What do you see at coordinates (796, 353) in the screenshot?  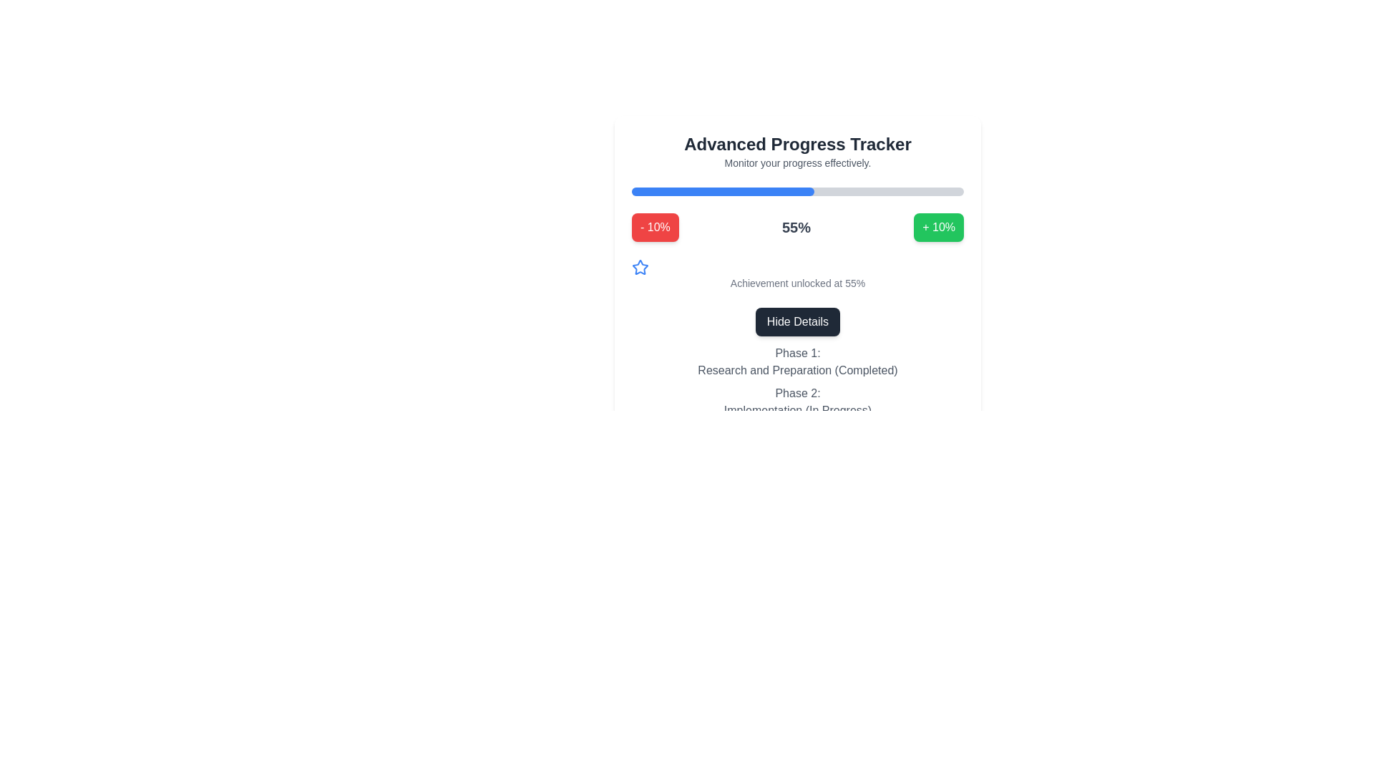 I see `the text header displaying 'Phase 1:'` at bounding box center [796, 353].